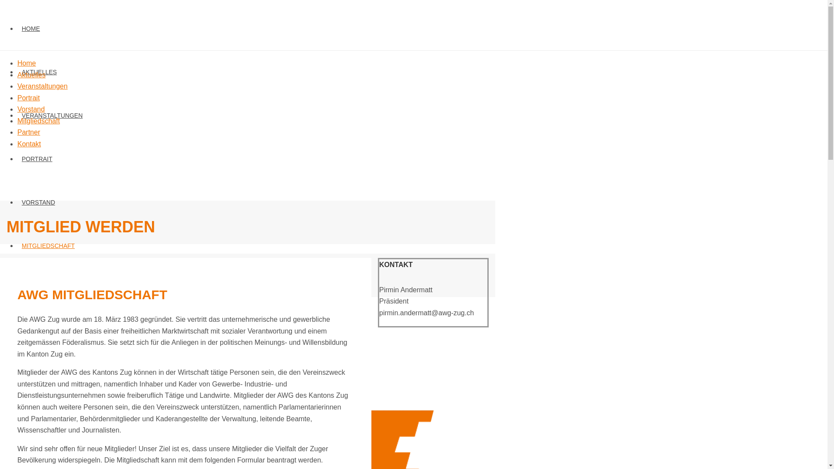  Describe the element at coordinates (31, 109) in the screenshot. I see `'Vorstand'` at that location.